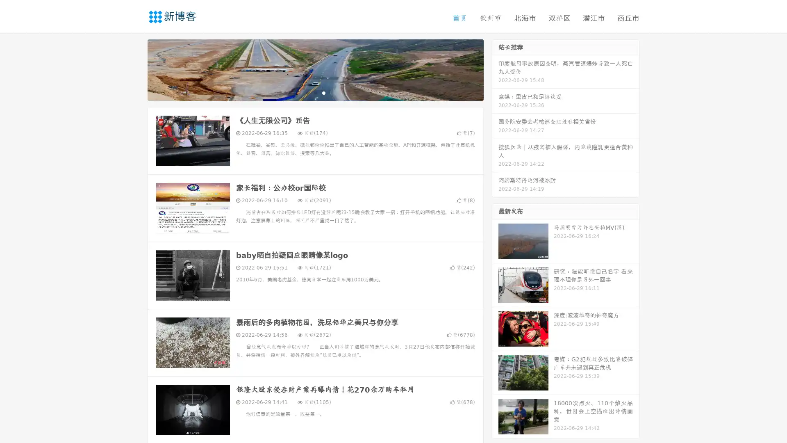 The width and height of the screenshot is (787, 443). What do you see at coordinates (495, 69) in the screenshot?
I see `Next slide` at bounding box center [495, 69].